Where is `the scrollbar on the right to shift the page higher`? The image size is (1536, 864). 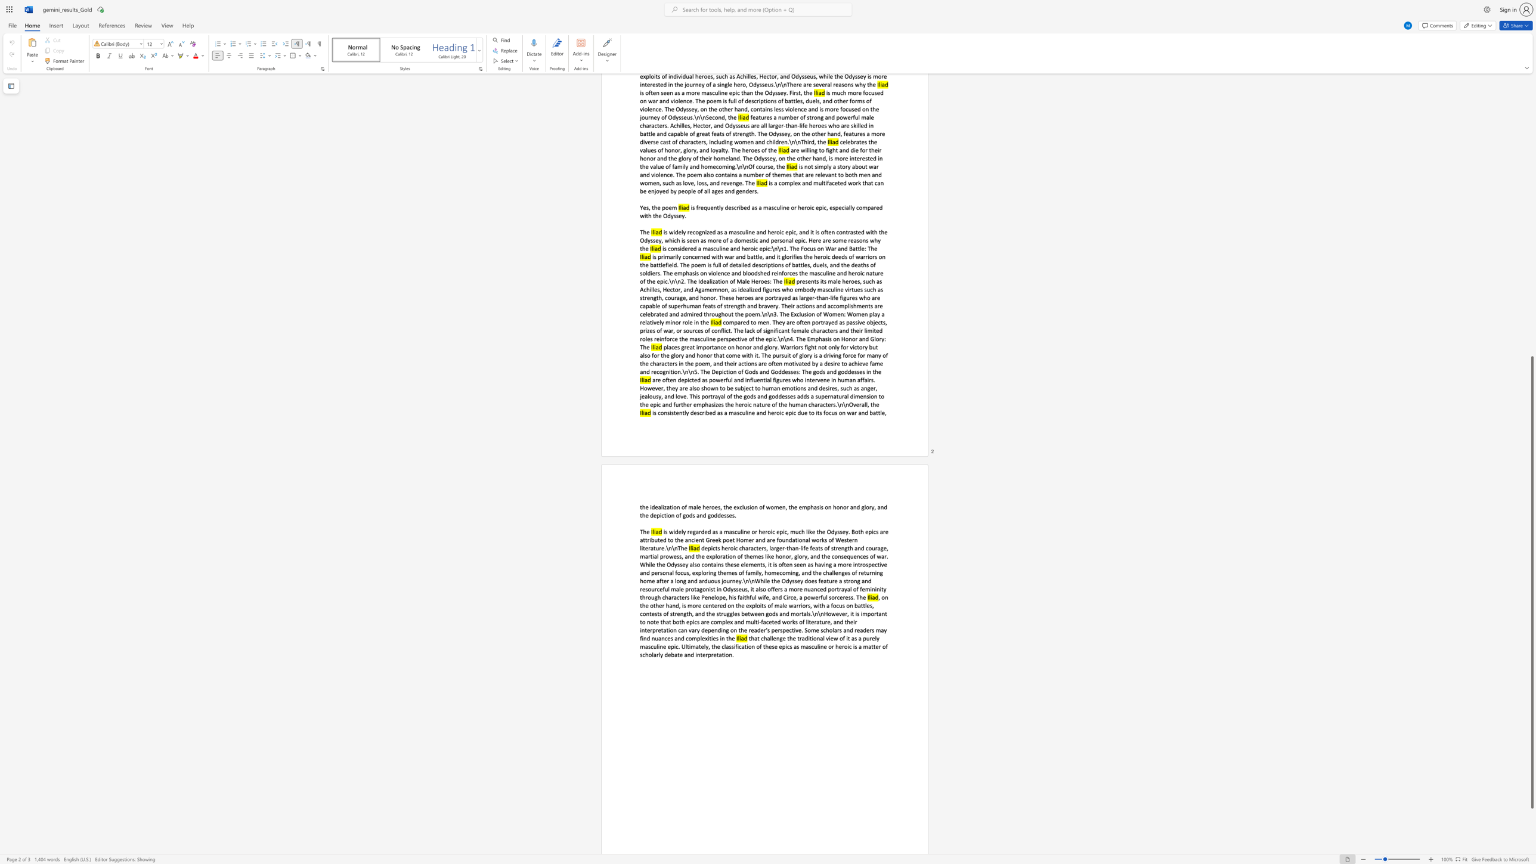
the scrollbar on the right to shift the page higher is located at coordinates (1531, 240).